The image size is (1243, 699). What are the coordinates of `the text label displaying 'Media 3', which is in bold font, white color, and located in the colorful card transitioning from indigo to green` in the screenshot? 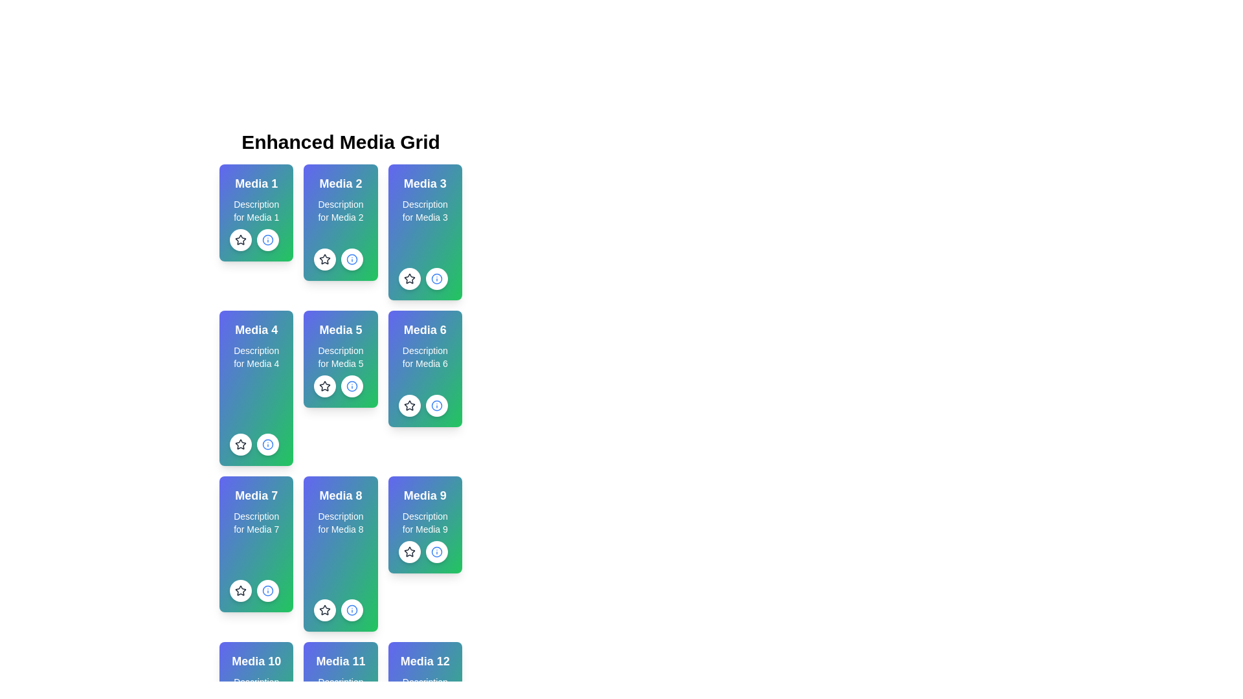 It's located at (425, 184).